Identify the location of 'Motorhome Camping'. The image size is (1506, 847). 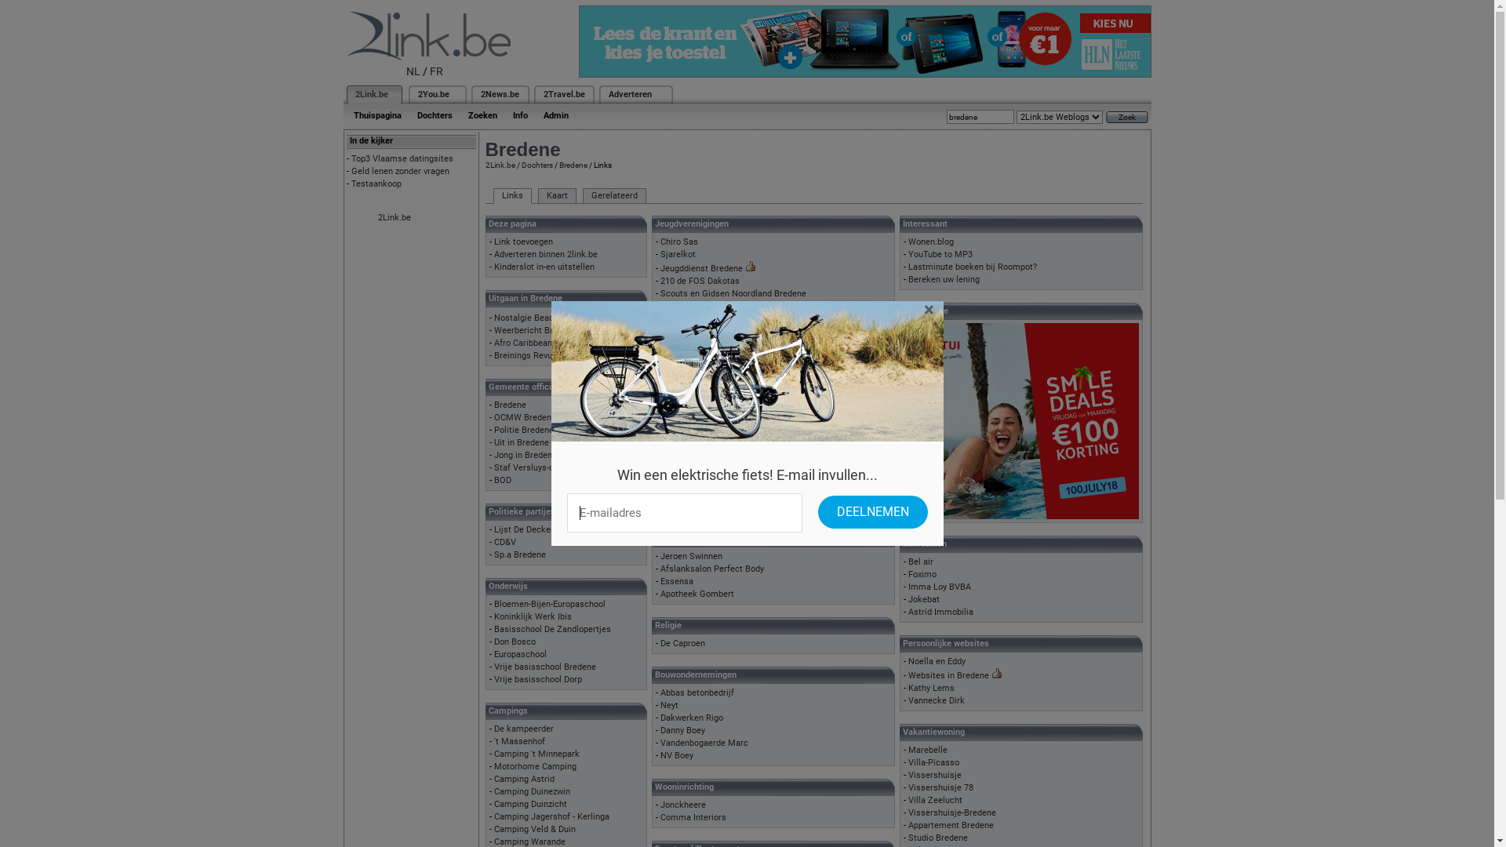
(535, 765).